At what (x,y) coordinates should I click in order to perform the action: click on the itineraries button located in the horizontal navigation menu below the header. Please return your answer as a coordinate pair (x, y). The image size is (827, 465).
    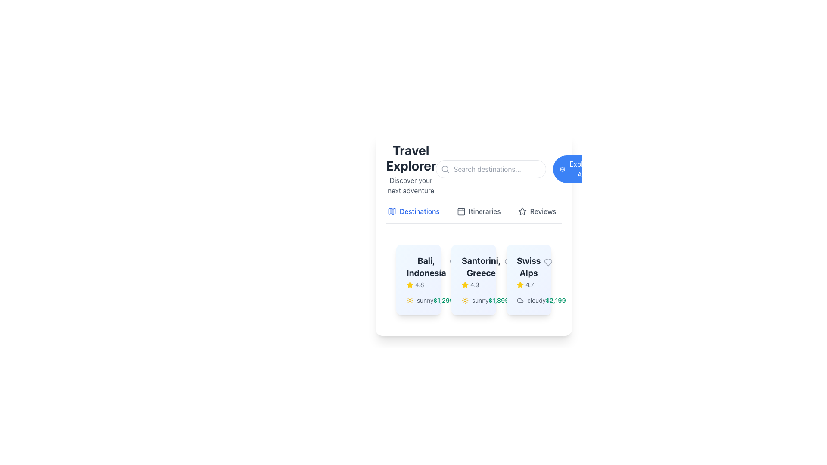
    Looking at the image, I should click on (478, 214).